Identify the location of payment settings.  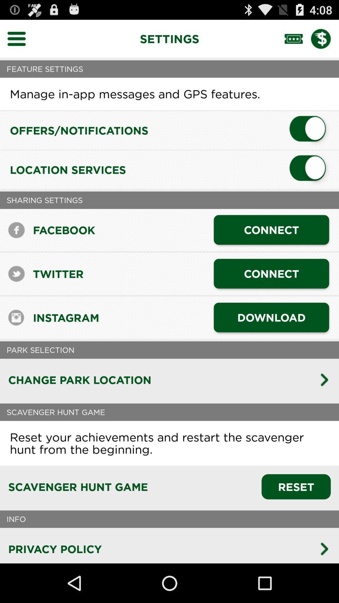
(325, 38).